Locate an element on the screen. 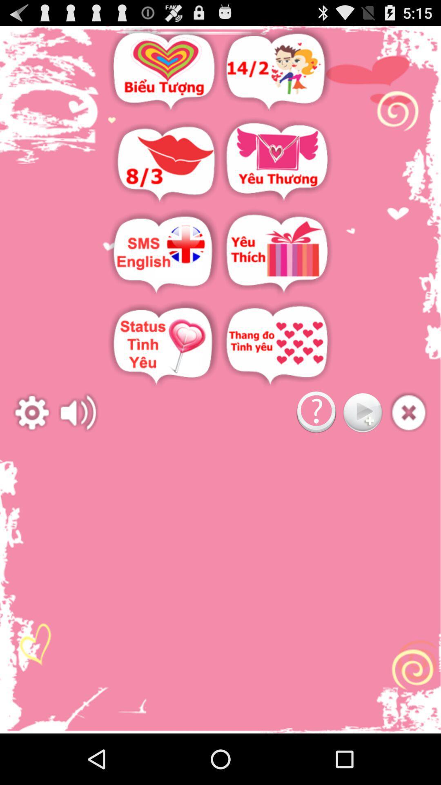 The image size is (441, 785). settings is located at coordinates (31, 413).